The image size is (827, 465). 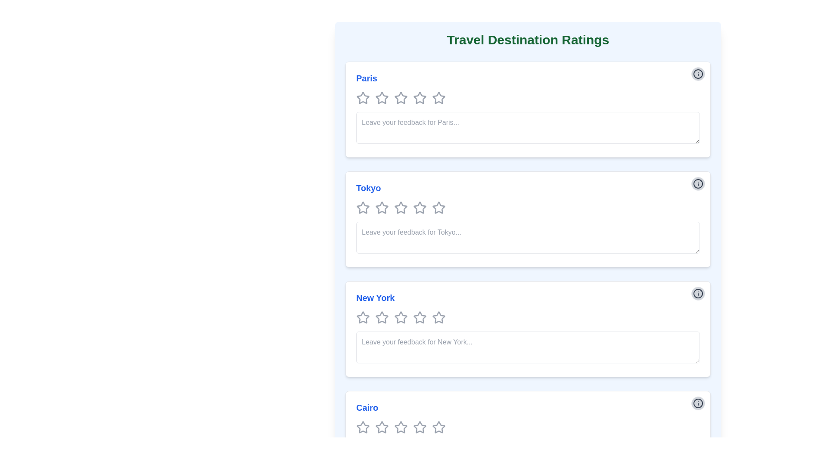 I want to click on the second star in the row of five stars for the 'Tokyo' rating section, so click(x=382, y=208).